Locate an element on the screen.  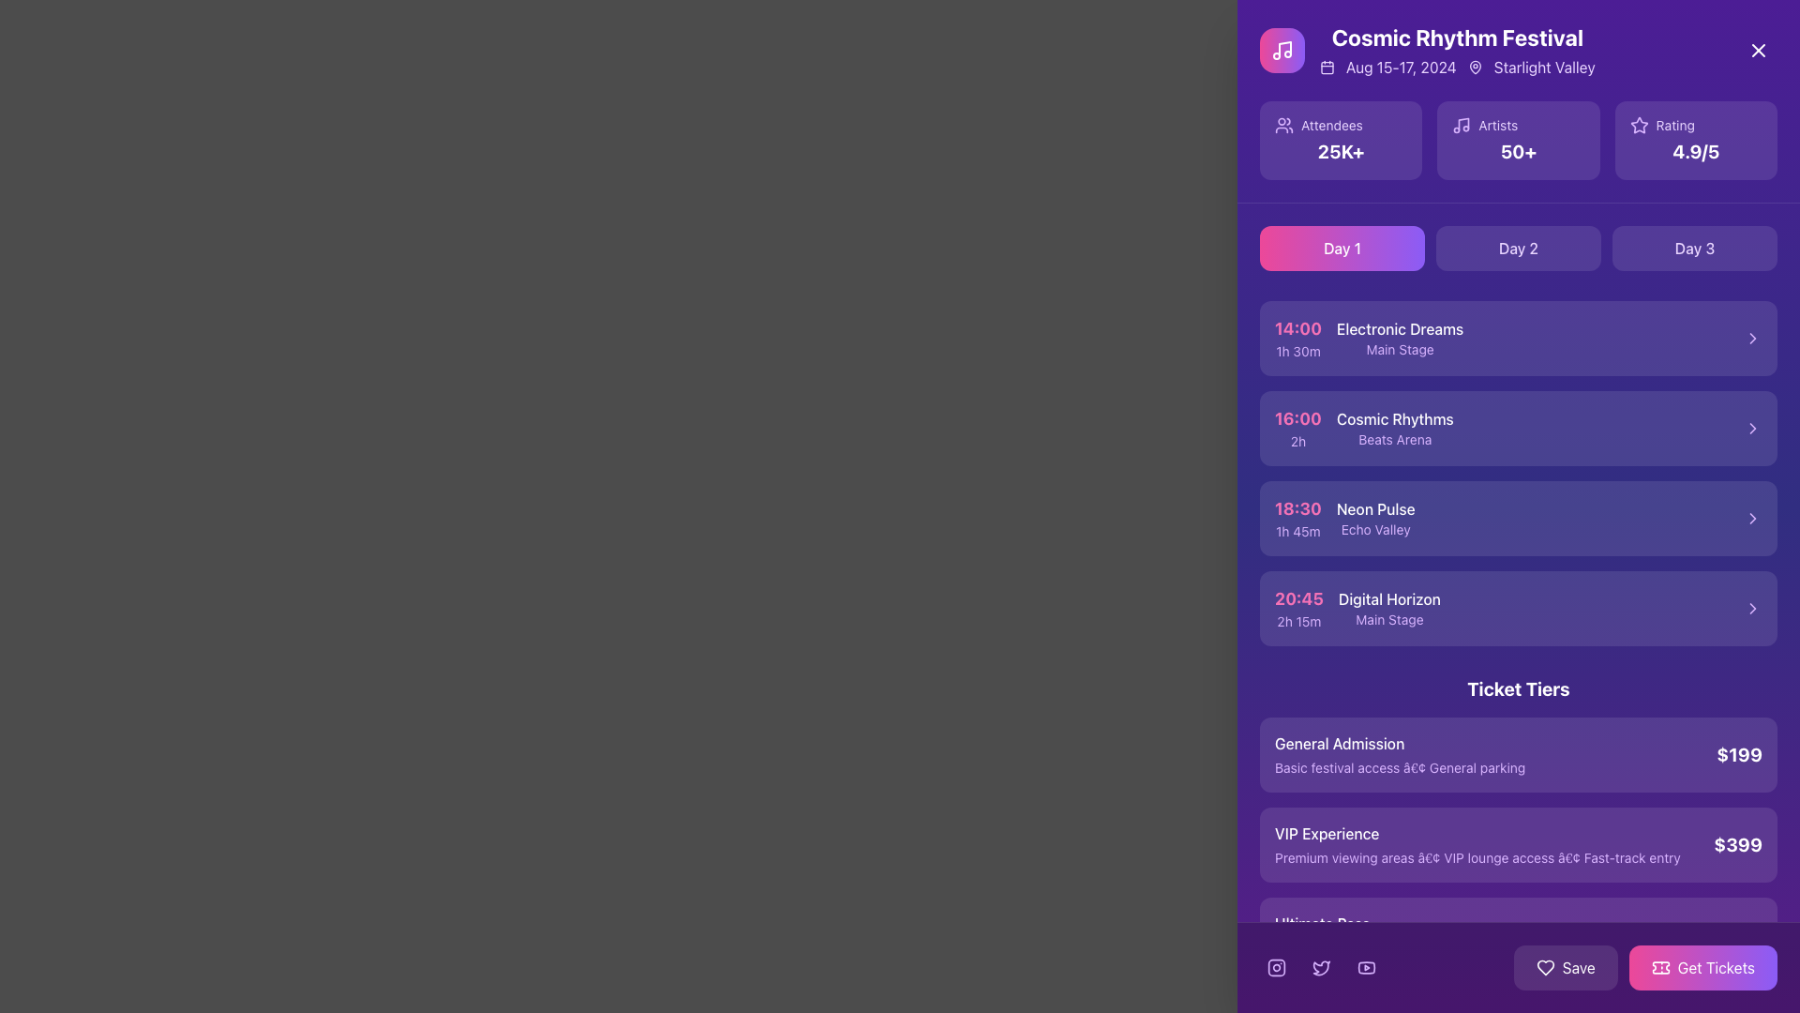
the 'Day 2' button is located at coordinates (1519, 248).